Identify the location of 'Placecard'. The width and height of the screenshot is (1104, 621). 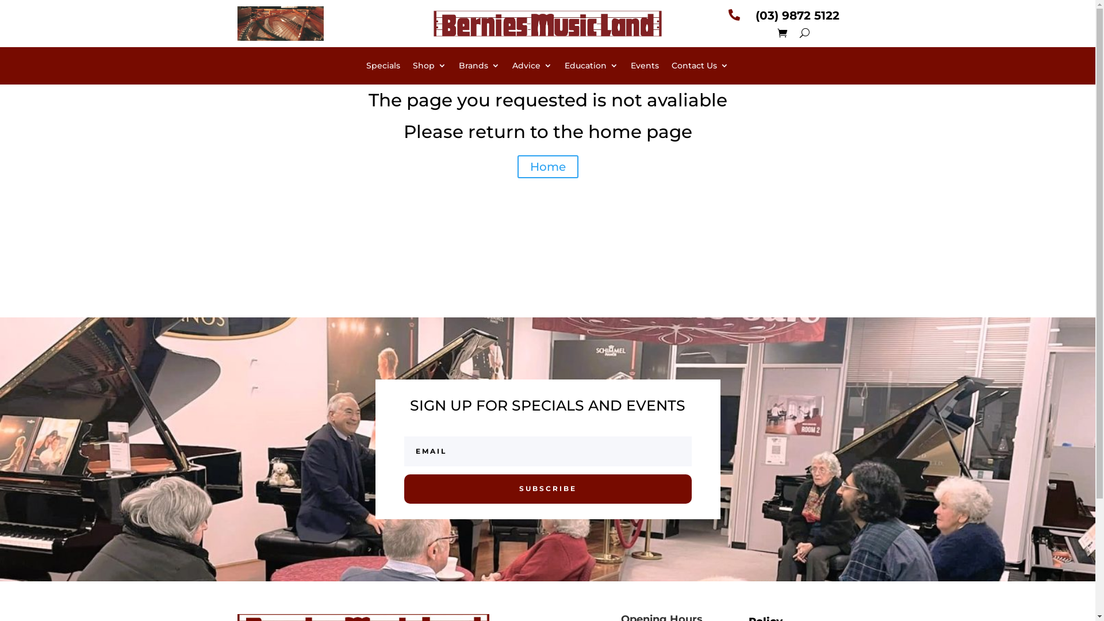
(279, 24).